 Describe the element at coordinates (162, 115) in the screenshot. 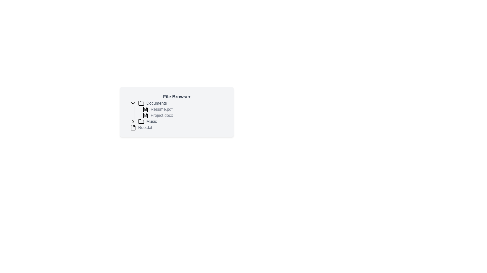

I see `the text label representing the file named 'Project.docx' located in the Documents folder` at that location.